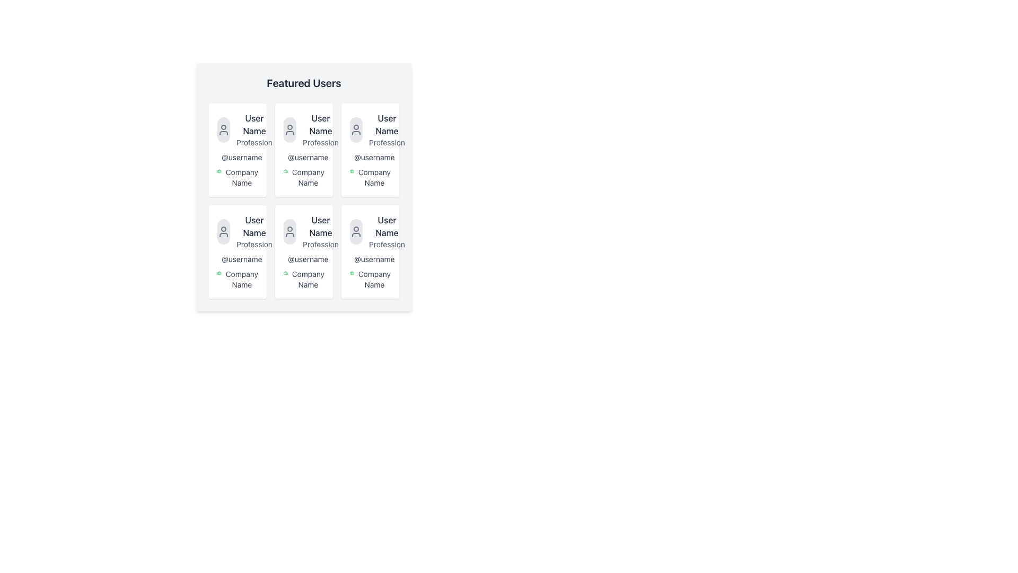 The width and height of the screenshot is (1018, 573). What do you see at coordinates (308, 259) in the screenshot?
I see `the user's handle text located in the bottom-middle card of the 'Featured Users' grid, which is the second text component below the profession information, to interact with nearby elements` at bounding box center [308, 259].